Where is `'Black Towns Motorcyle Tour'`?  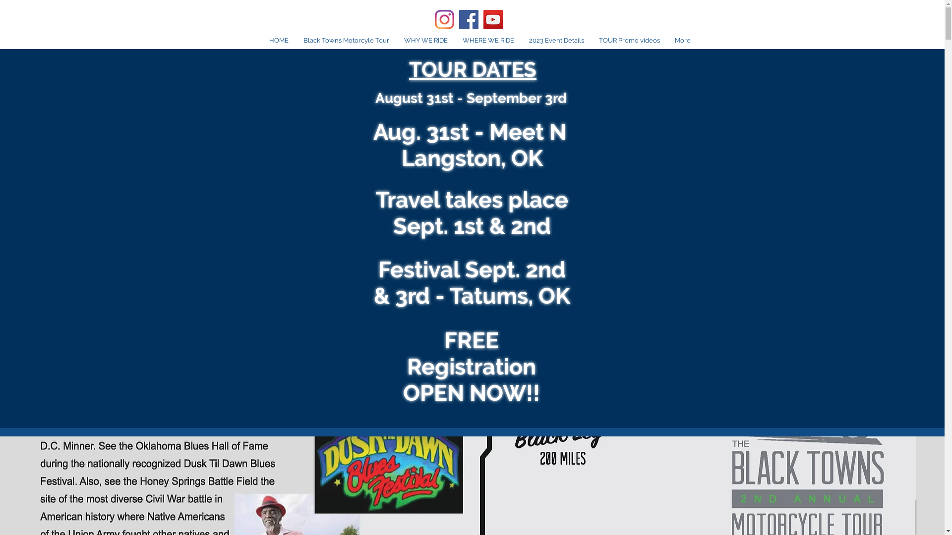
'Black Towns Motorcyle Tour' is located at coordinates (346, 40).